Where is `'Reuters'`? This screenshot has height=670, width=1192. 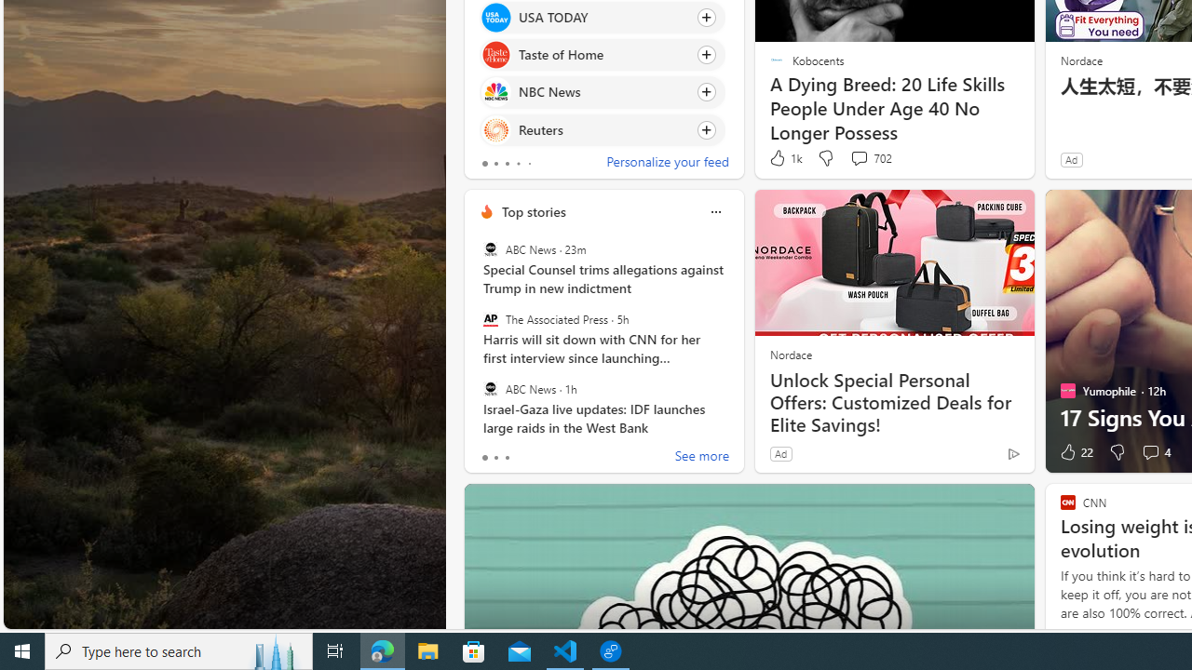 'Reuters' is located at coordinates (495, 128).